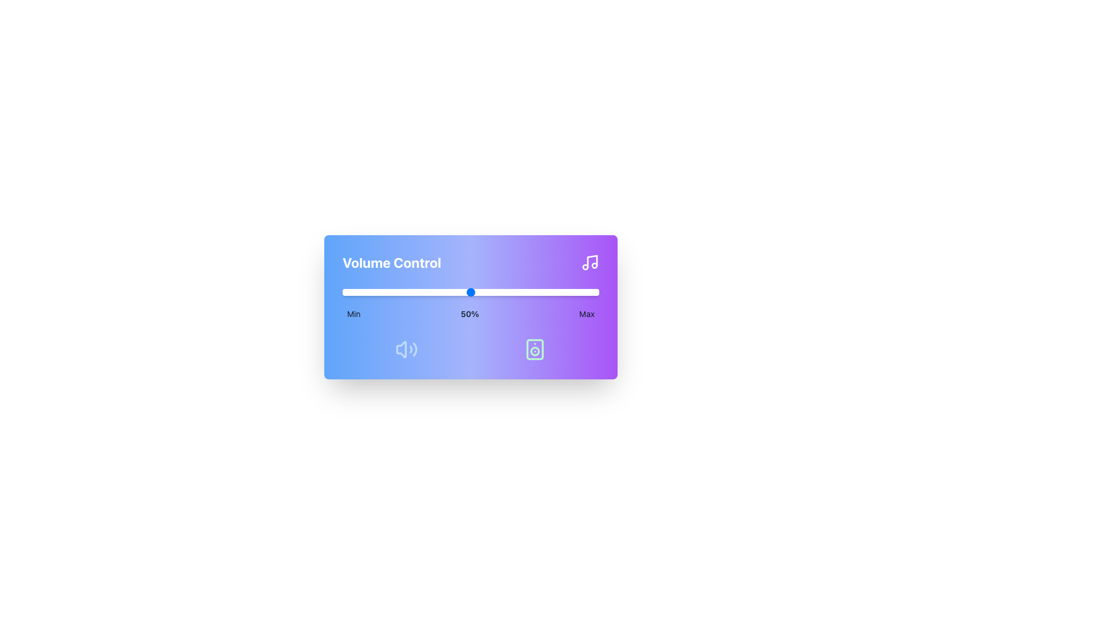 The width and height of the screenshot is (1100, 618). What do you see at coordinates (429, 291) in the screenshot?
I see `the slider` at bounding box center [429, 291].